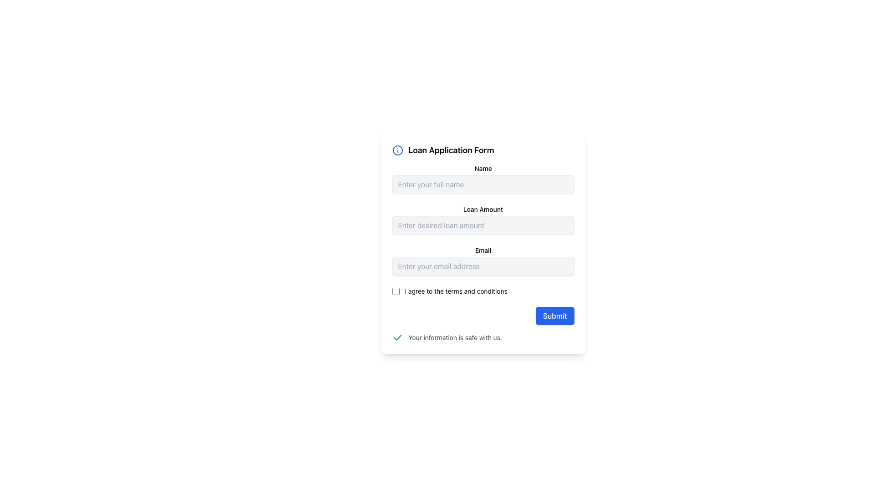 This screenshot has width=874, height=491. What do you see at coordinates (455, 338) in the screenshot?
I see `informational text that reassures users about the security of their information, located near the bottom of the main form box, second in line after a green checkmark icon` at bounding box center [455, 338].